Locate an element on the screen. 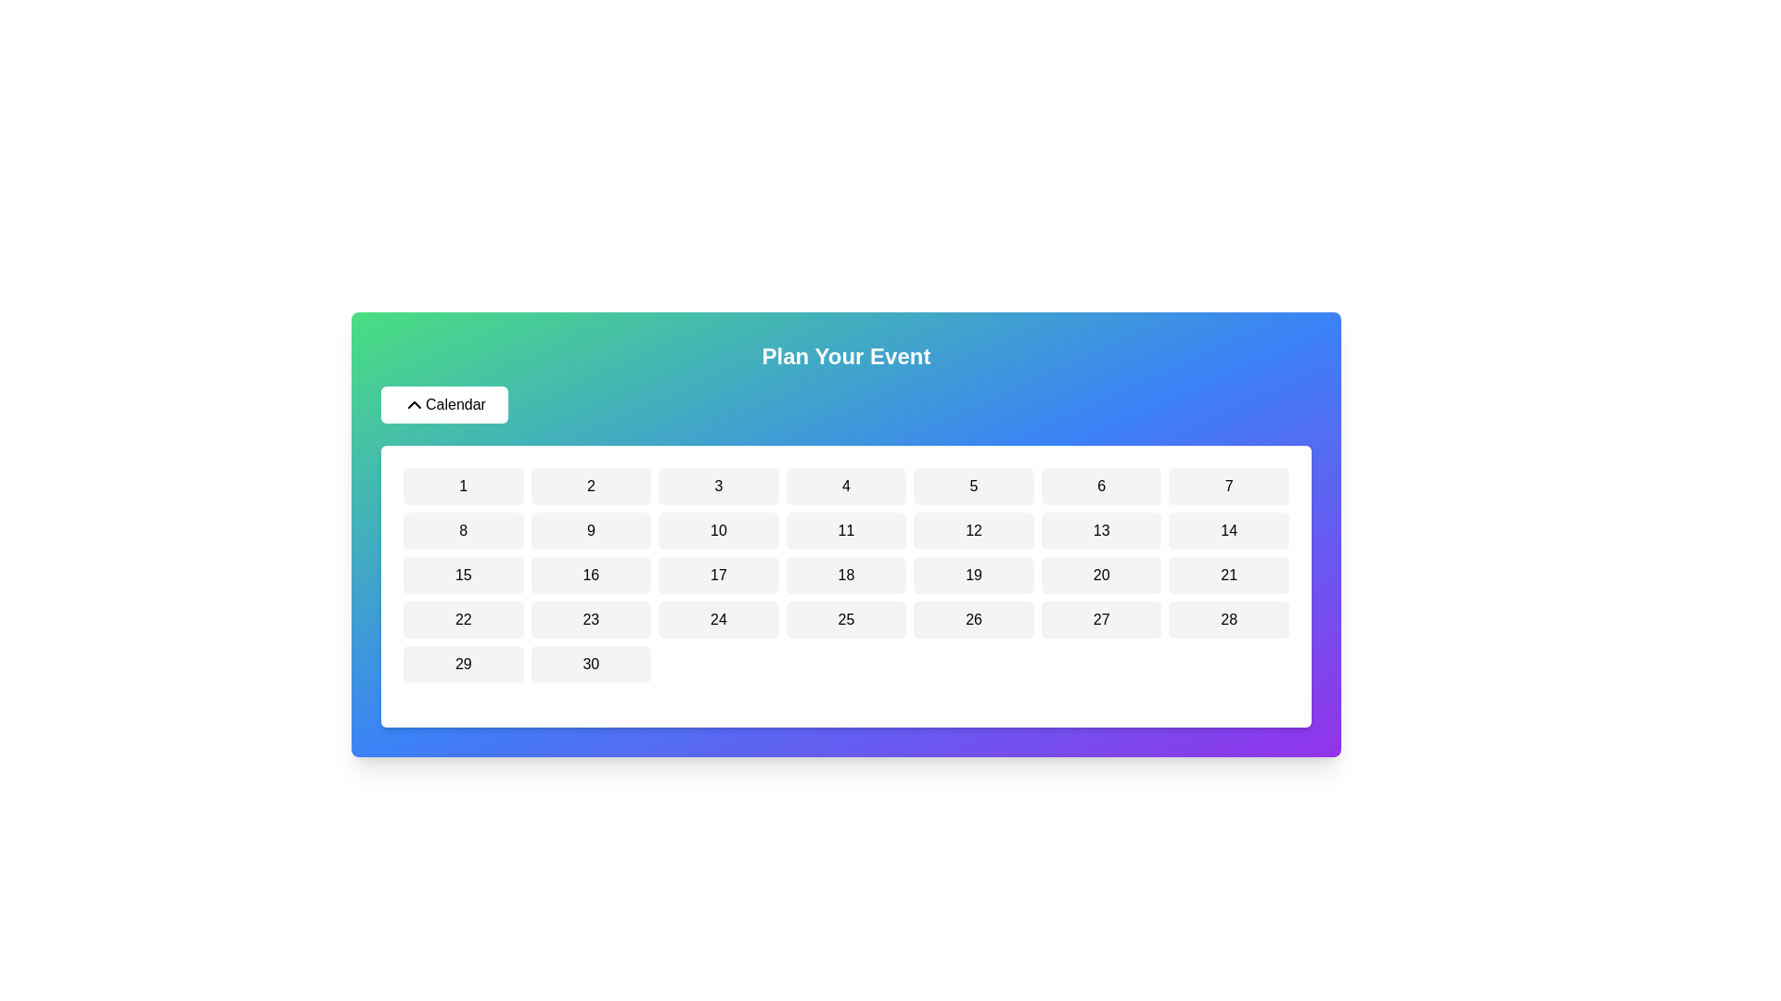  the button labeled '3' is located at coordinates (717, 485).